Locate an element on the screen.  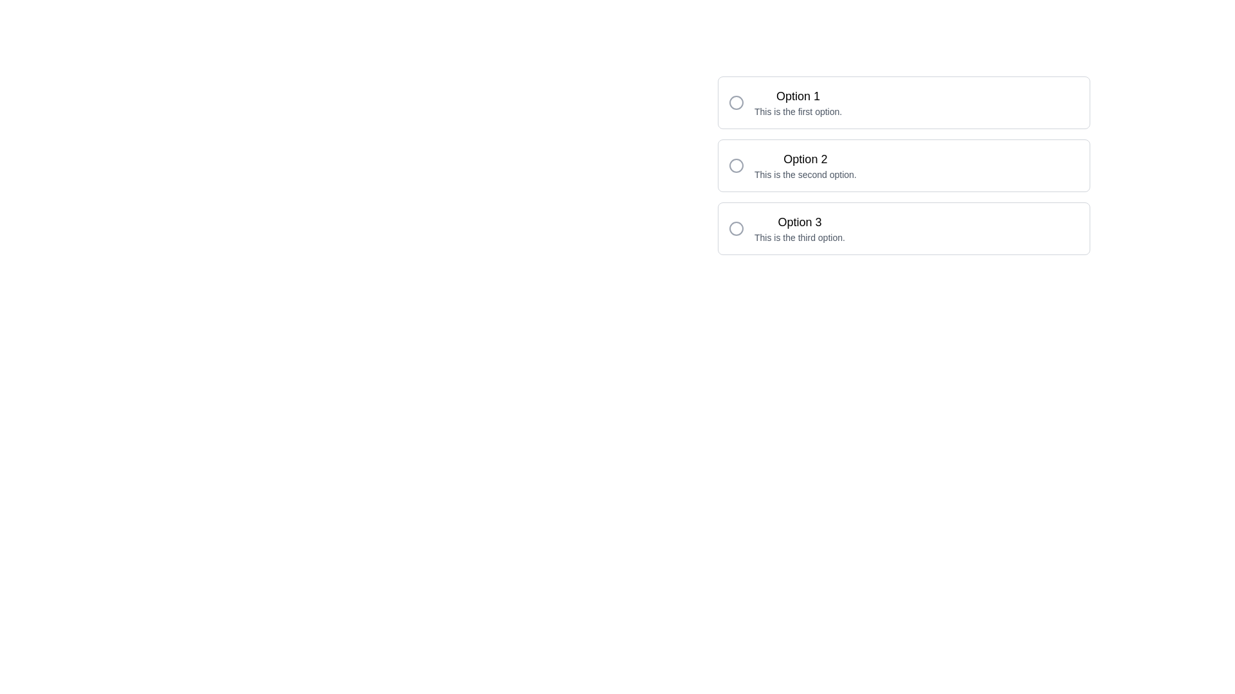
'Option 2 - This is the second option.' in the group of selectable options displayed as a list is located at coordinates (903, 165).